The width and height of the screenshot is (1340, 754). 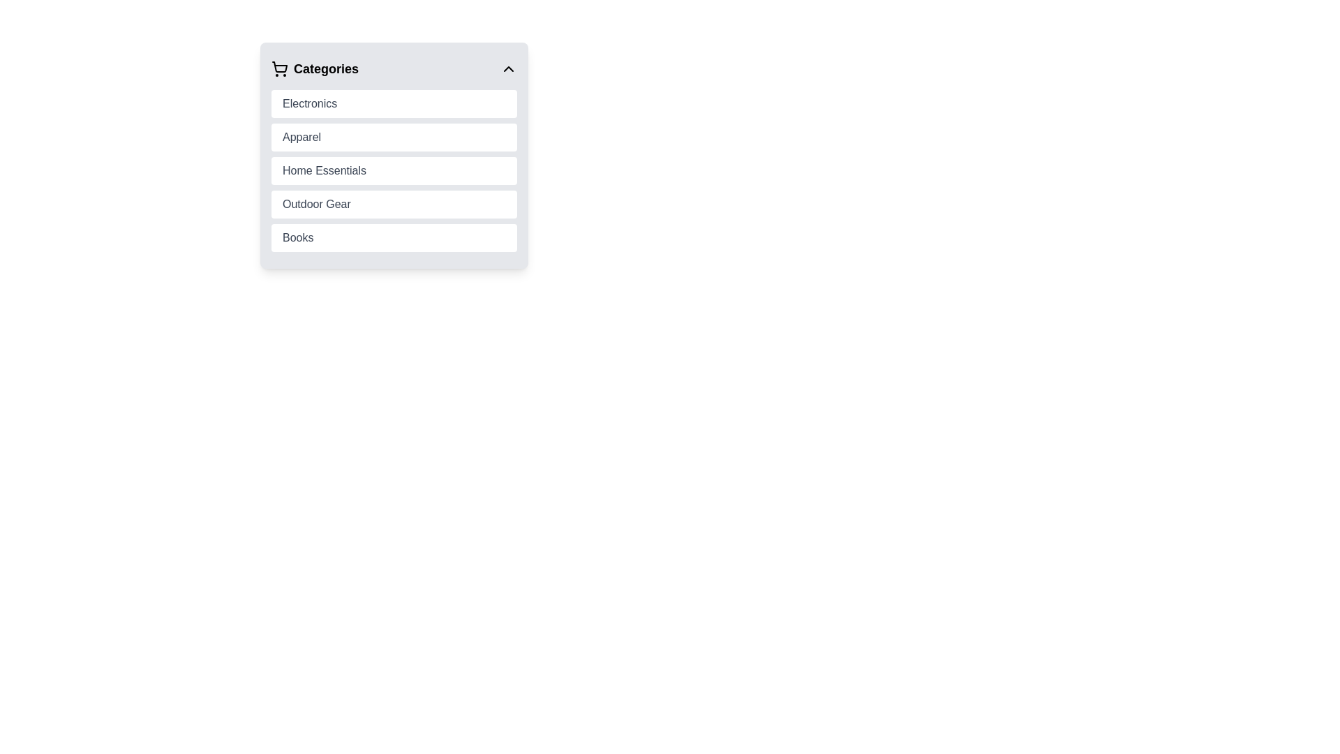 I want to click on the 'Apparel' category button, which is the second item in the vertical list of selectable options within the 'Categories' section, so click(x=394, y=137).